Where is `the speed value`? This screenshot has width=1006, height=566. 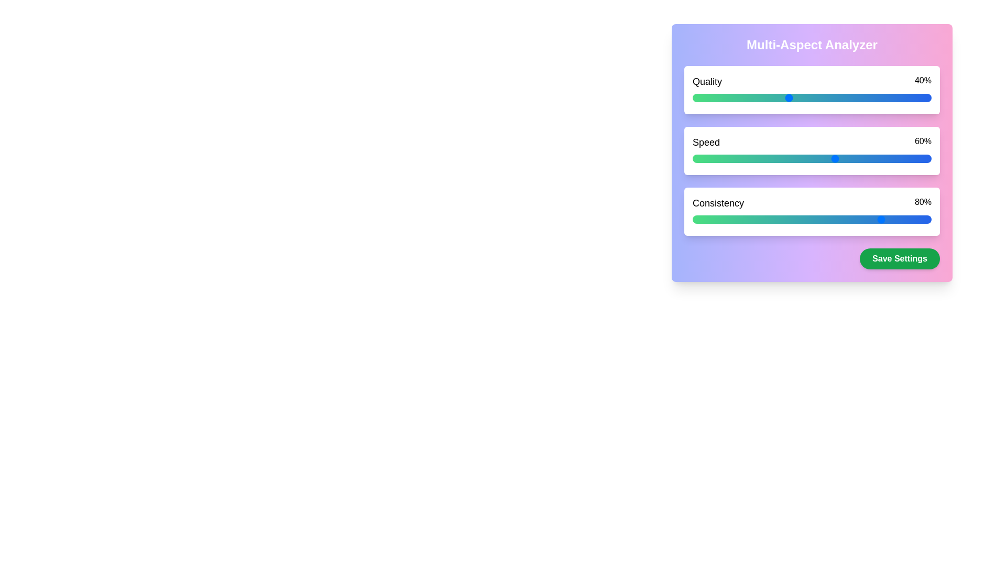 the speed value is located at coordinates (804, 159).